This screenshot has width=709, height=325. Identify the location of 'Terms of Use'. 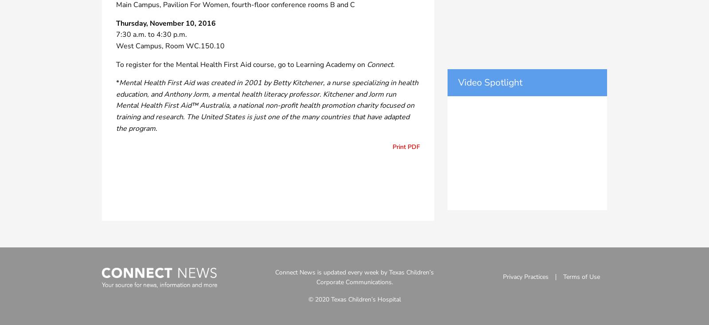
(563, 276).